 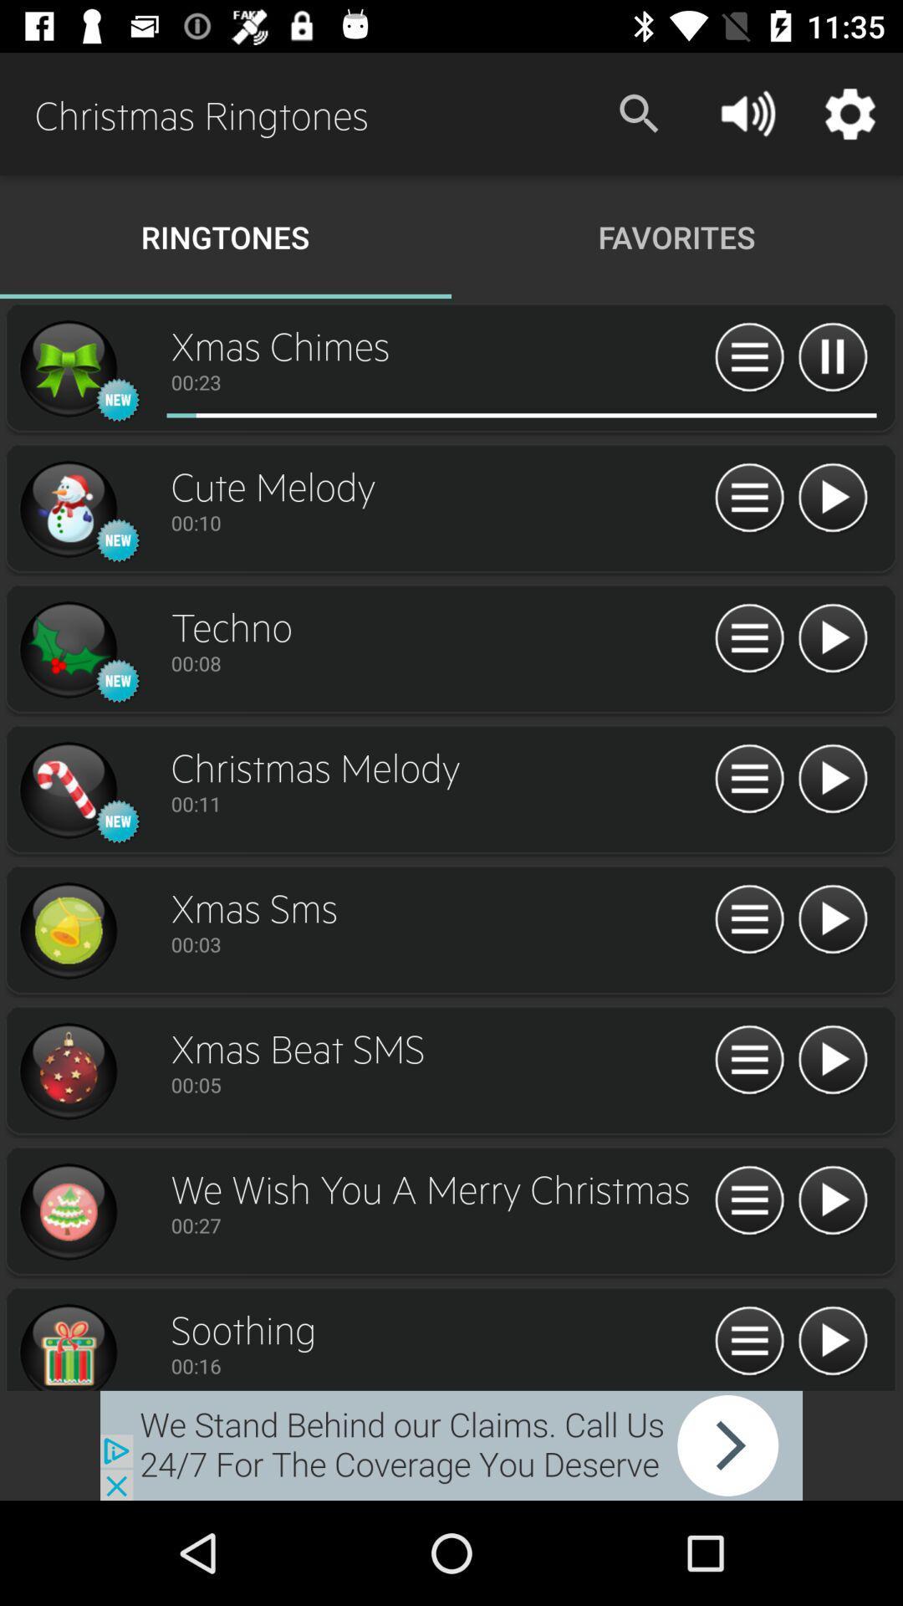 I want to click on displays a list of options, so click(x=748, y=919).